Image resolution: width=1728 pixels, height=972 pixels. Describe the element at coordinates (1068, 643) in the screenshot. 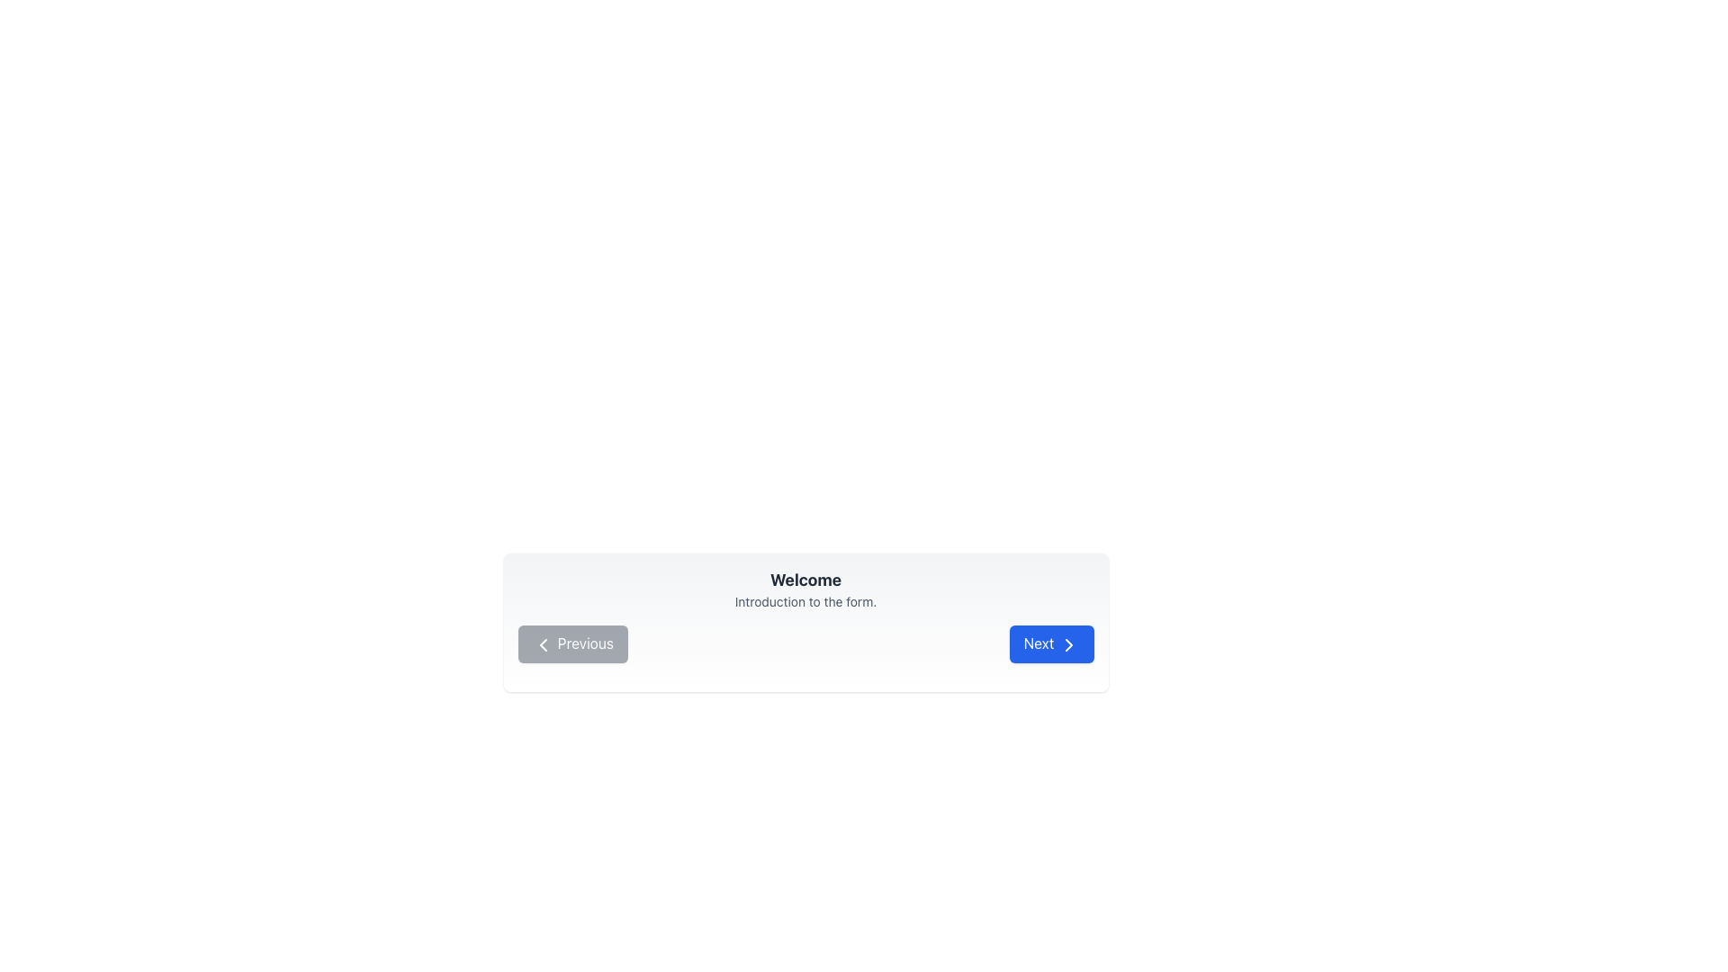

I see `the rightward-pointing chevron icon within the blue 'Next' button to proceed` at that location.